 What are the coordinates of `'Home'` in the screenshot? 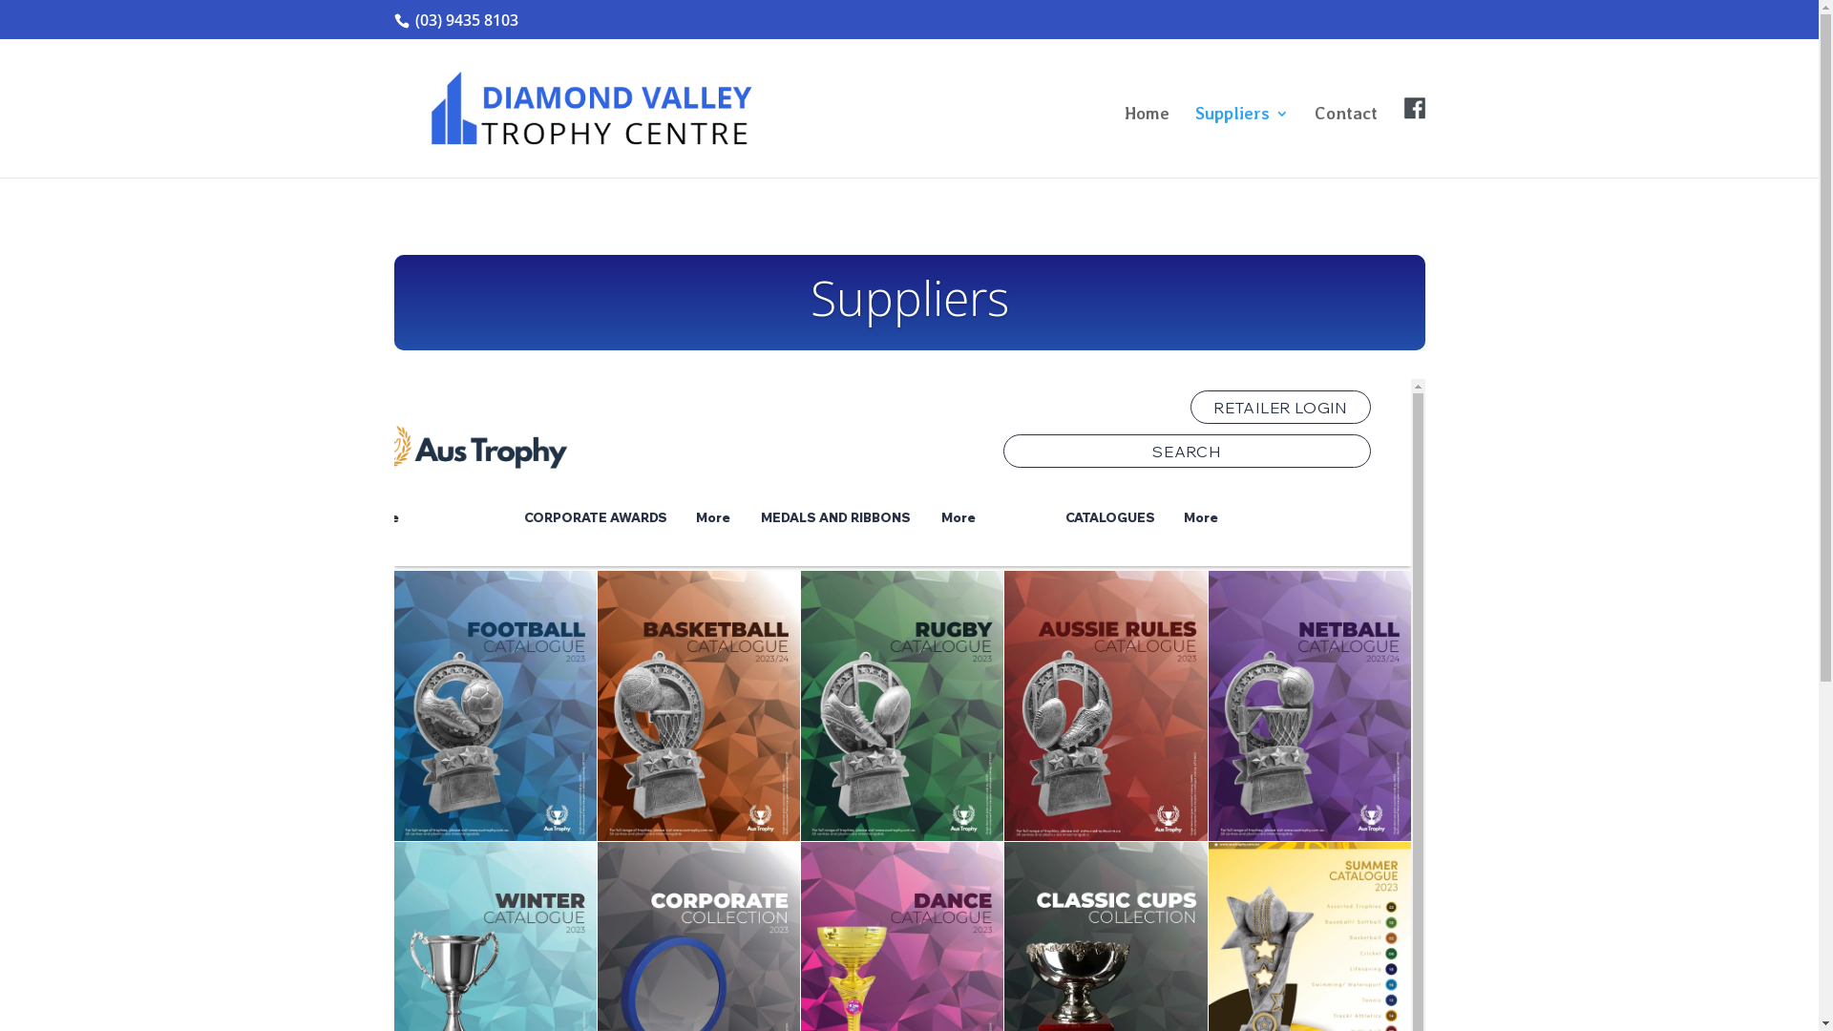 It's located at (1146, 141).